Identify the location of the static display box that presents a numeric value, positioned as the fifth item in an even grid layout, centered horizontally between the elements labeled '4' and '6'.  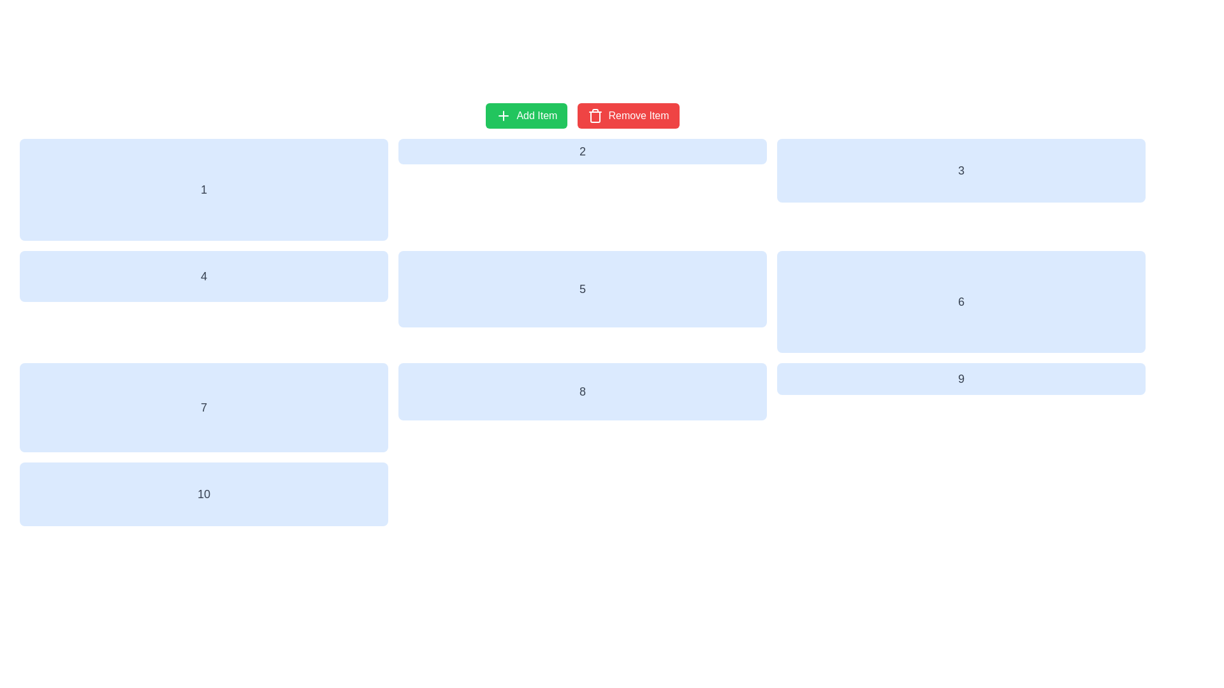
(581, 289).